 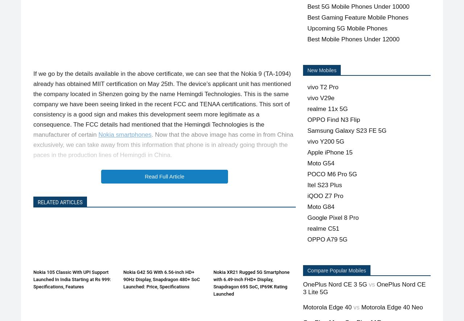 I want to click on 'OnePlus Nord CE 3 Lite 5G', so click(x=364, y=288).